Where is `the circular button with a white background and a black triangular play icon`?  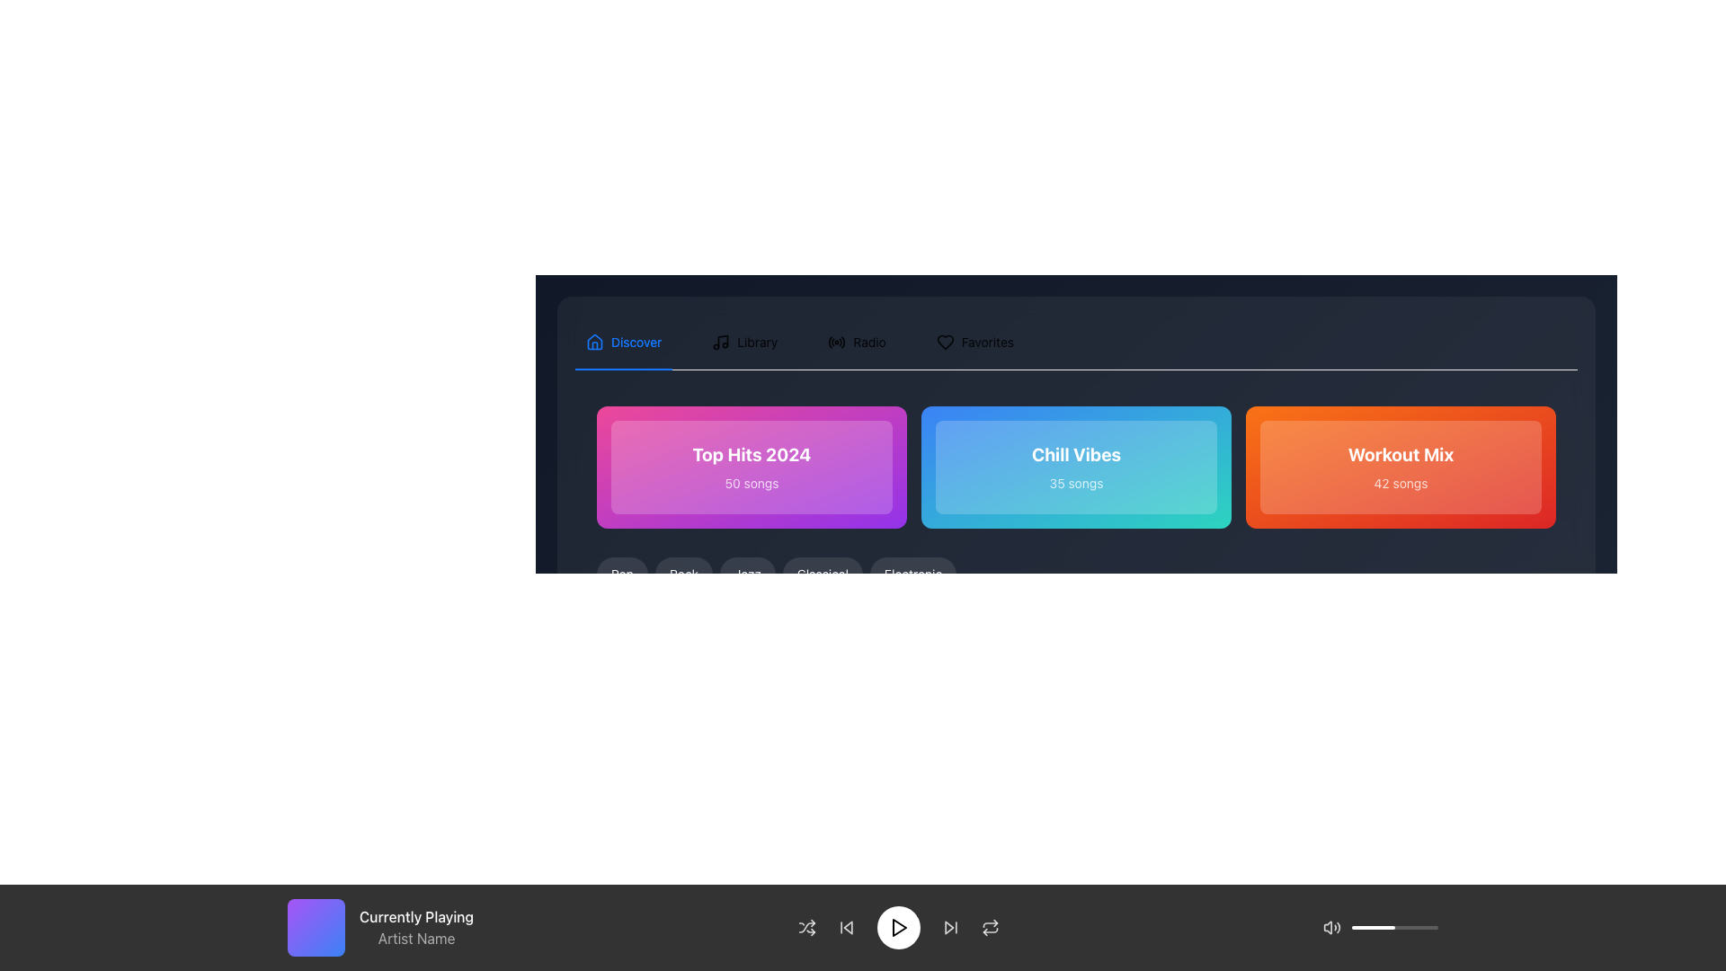 the circular button with a white background and a black triangular play icon is located at coordinates (898, 928).